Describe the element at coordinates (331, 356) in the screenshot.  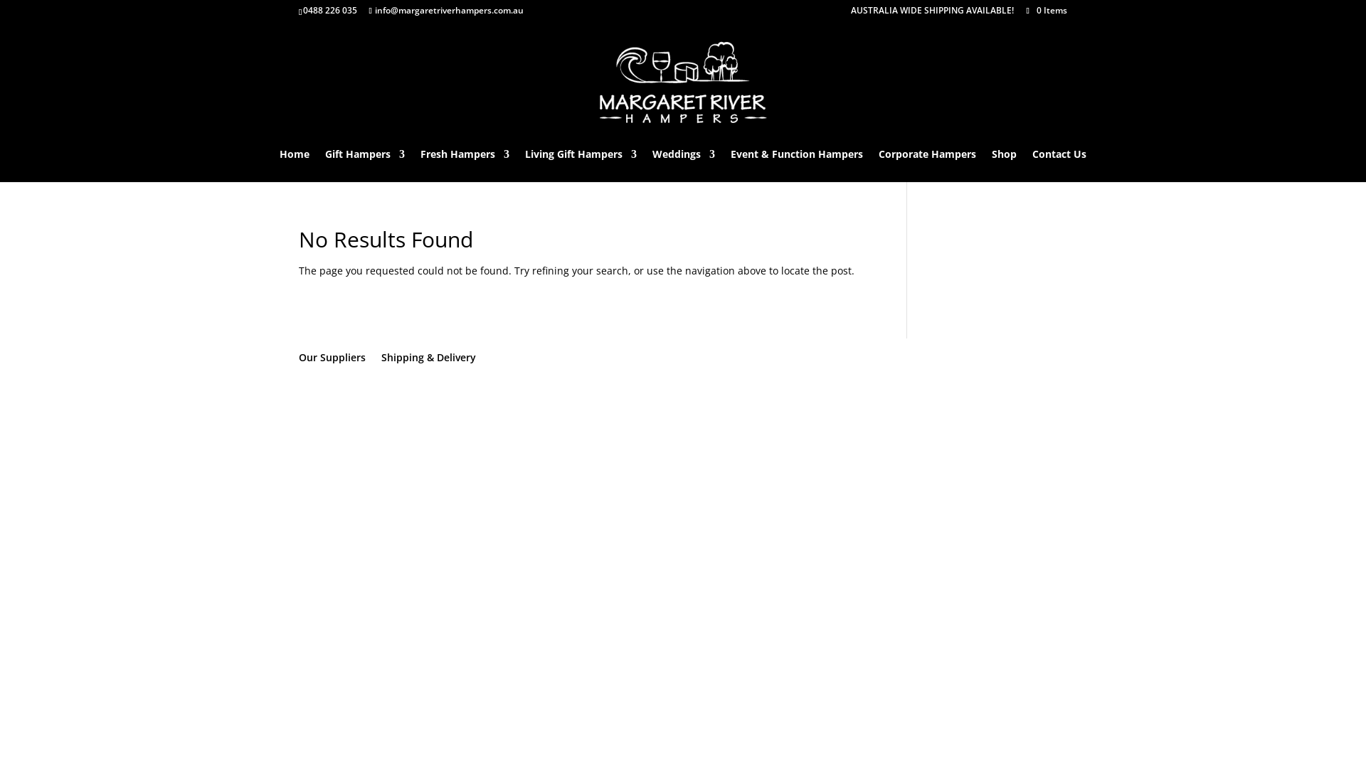
I see `'Our Suppliers'` at that location.